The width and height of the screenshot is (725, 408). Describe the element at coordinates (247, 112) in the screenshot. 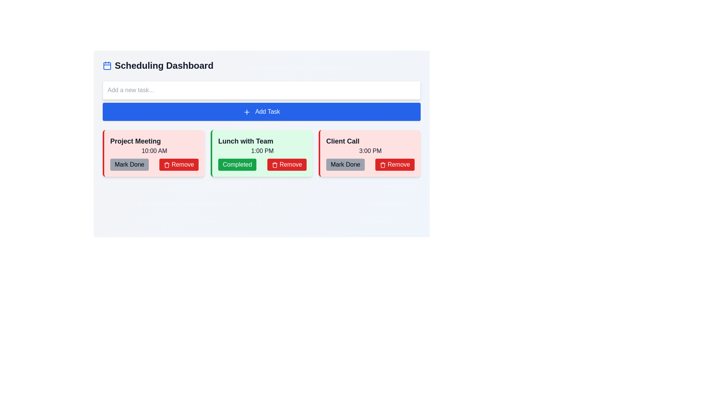

I see `the blue plus icon located inside the 'Add Task' button, which is styled with thin strokes and crosses at the center` at that location.